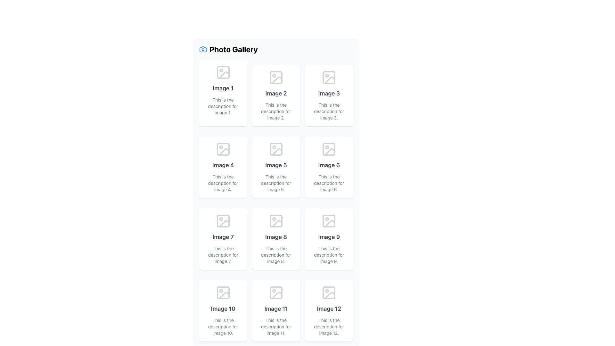  I want to click on the card element titled 'Image 4' in the Photo Gallery, so click(223, 167).